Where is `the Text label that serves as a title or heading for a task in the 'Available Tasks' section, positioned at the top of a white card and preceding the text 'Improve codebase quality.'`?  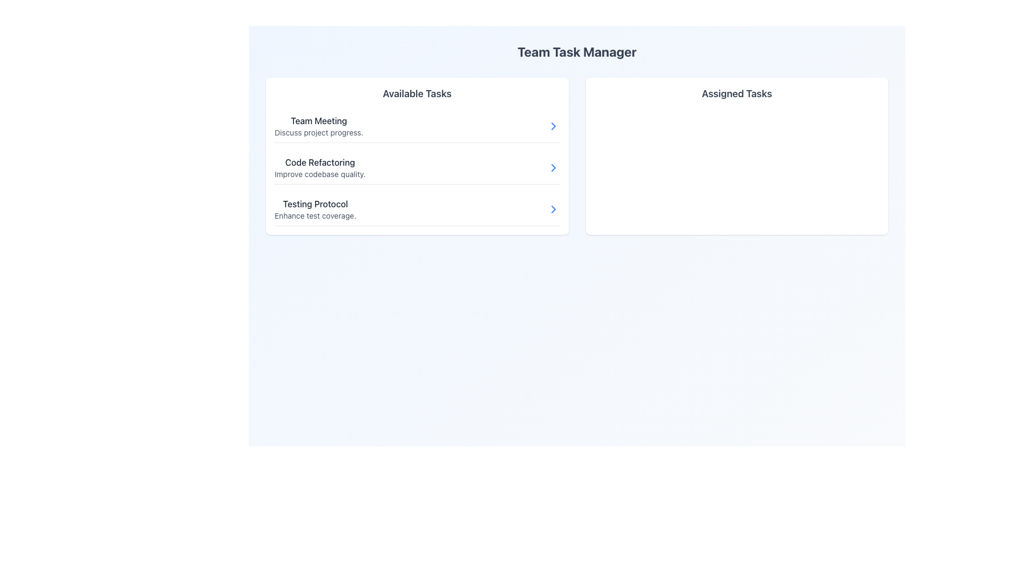
the Text label that serves as a title or heading for a task in the 'Available Tasks' section, positioned at the top of a white card and preceding the text 'Improve codebase quality.' is located at coordinates (319, 162).